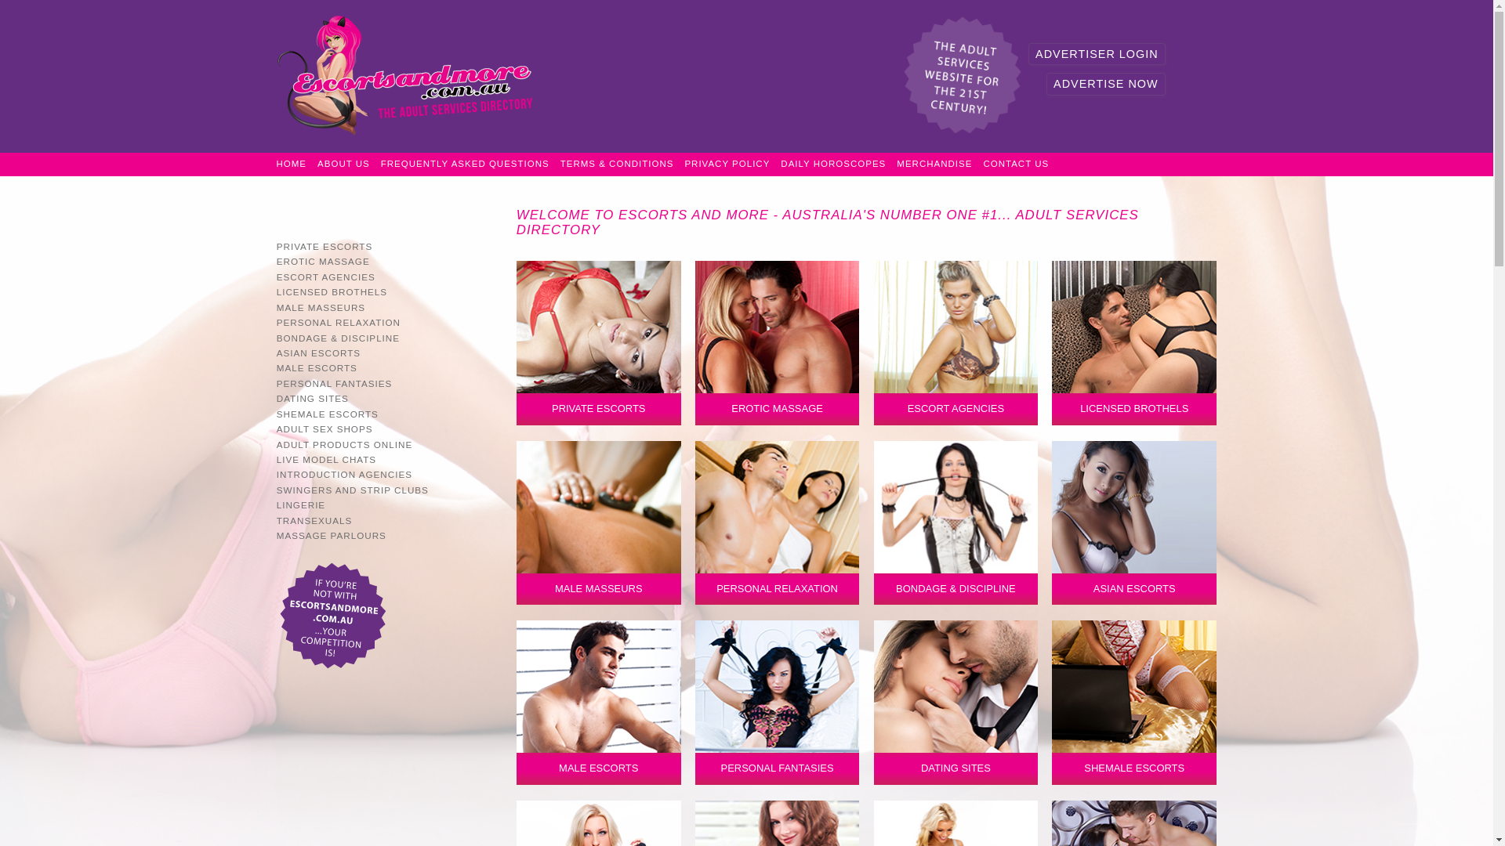 The height and width of the screenshot is (846, 1505). I want to click on 'MALE ESCORTS', so click(597, 702).